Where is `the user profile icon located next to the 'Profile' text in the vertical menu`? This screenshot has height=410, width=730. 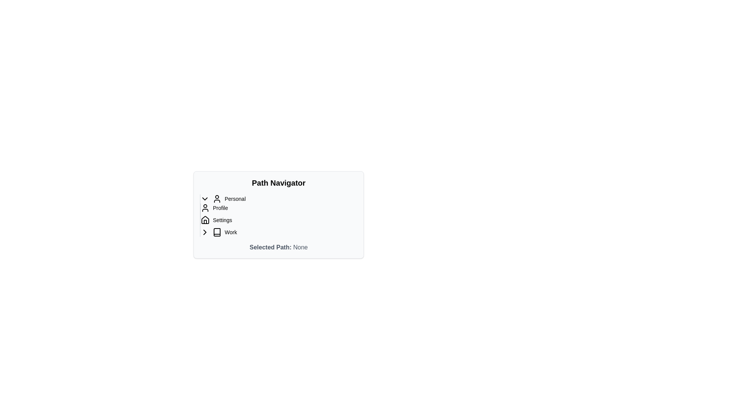
the user profile icon located next to the 'Profile' text in the vertical menu is located at coordinates (205, 208).